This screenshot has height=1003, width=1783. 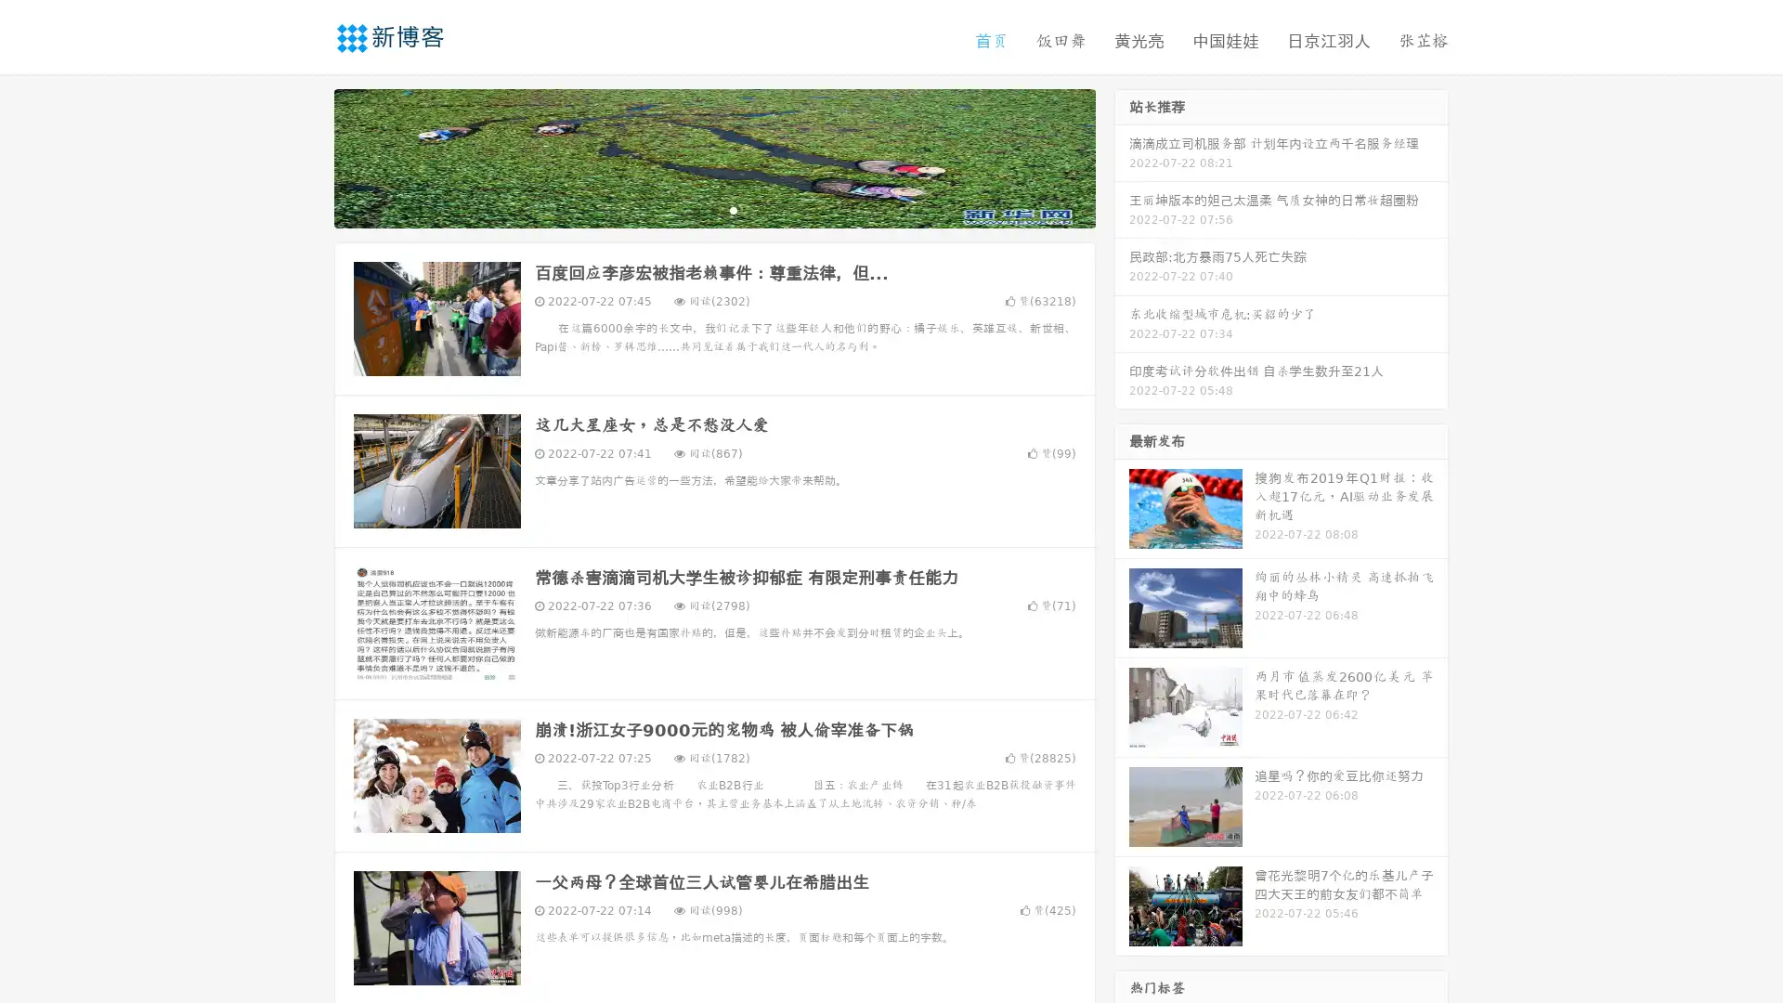 What do you see at coordinates (1122, 156) in the screenshot?
I see `Next slide` at bounding box center [1122, 156].